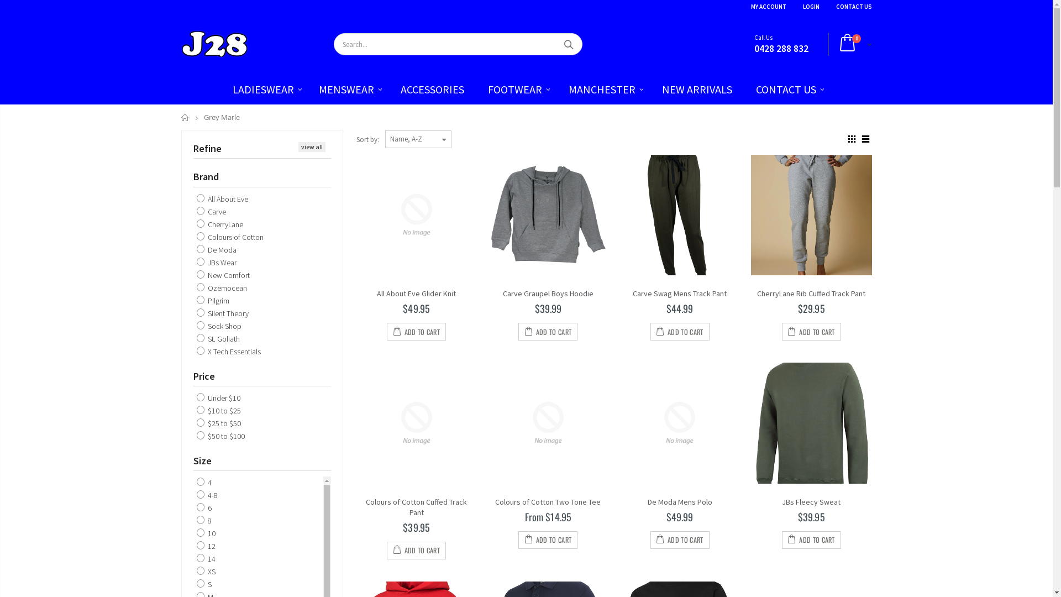  Describe the element at coordinates (196, 423) in the screenshot. I see `'$25 to $50'` at that location.